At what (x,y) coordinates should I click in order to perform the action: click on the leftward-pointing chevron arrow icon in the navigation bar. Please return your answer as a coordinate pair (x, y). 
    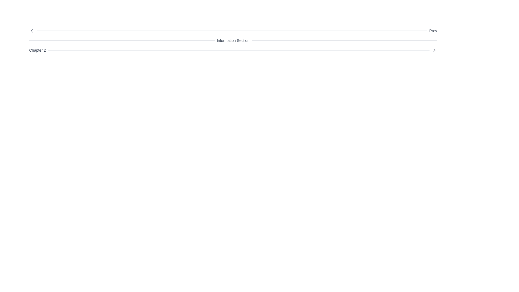
    Looking at the image, I should click on (32, 31).